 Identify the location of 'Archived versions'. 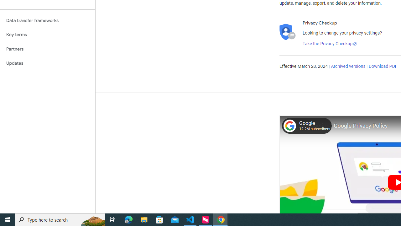
(348, 67).